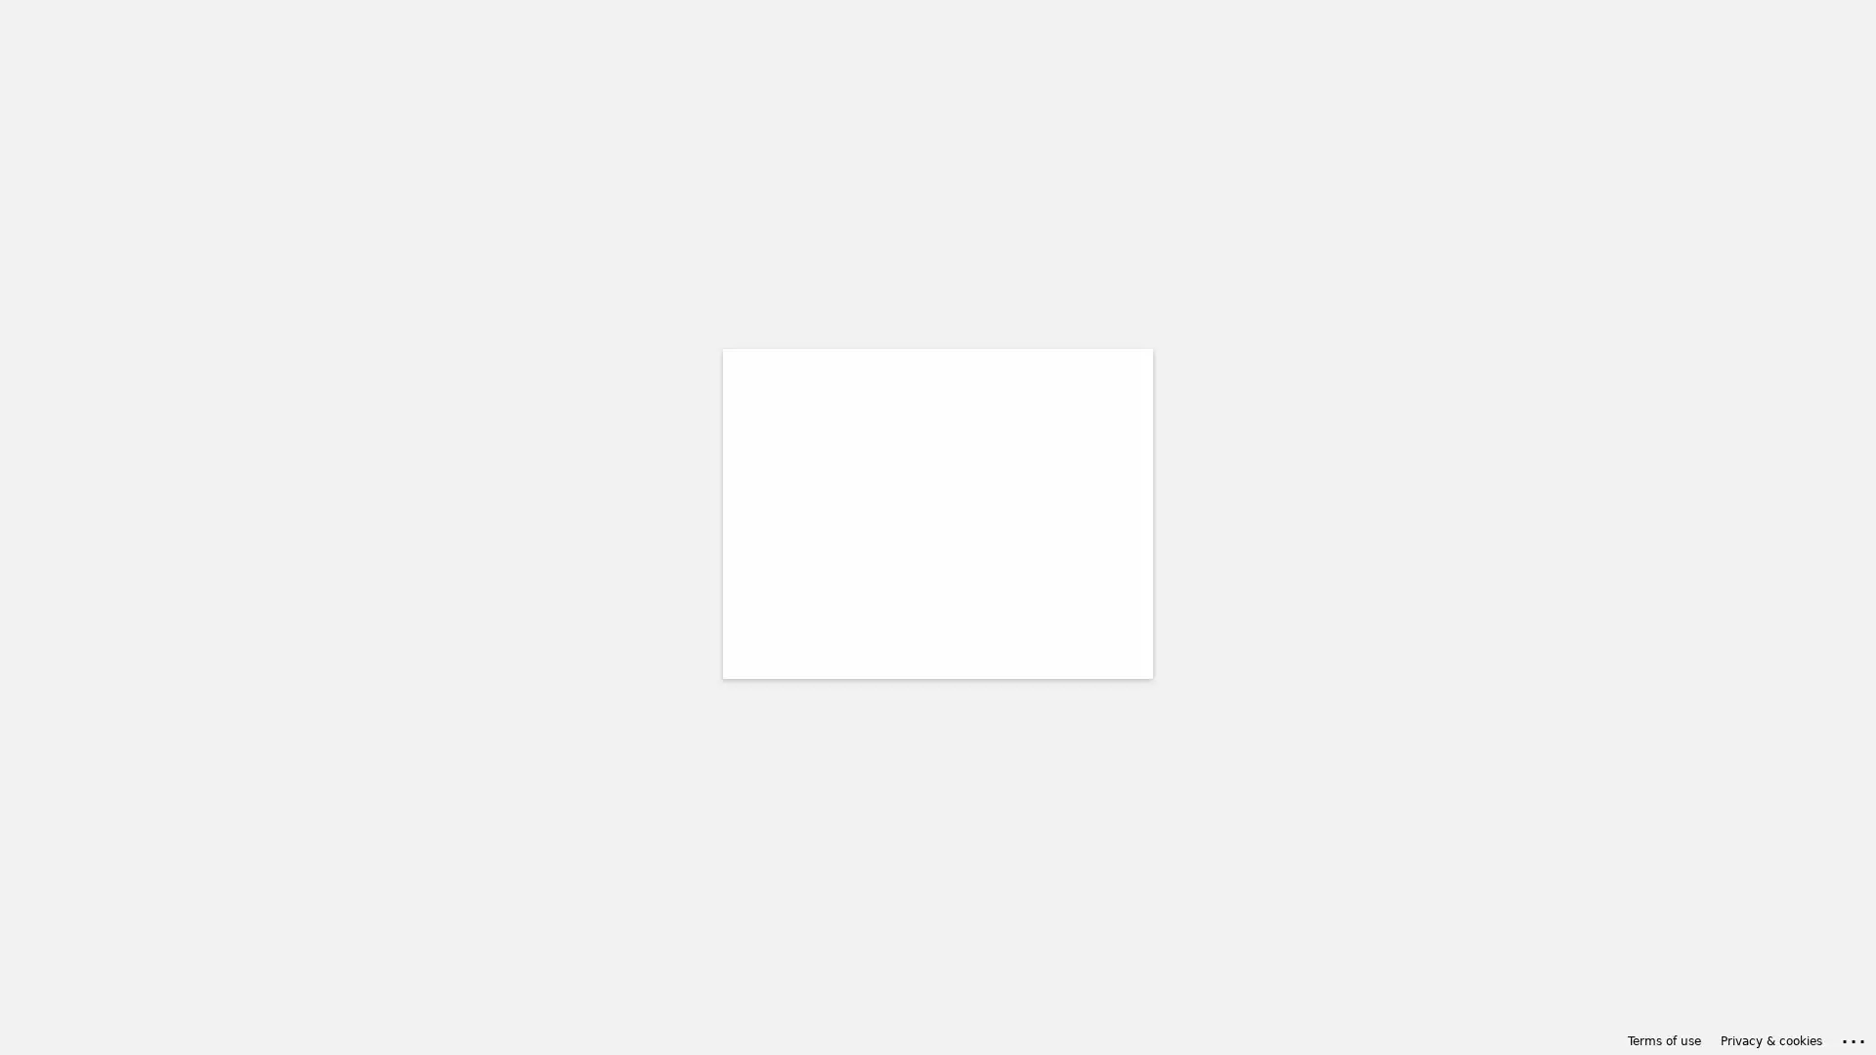 The image size is (1876, 1055). I want to click on Back, so click(947, 590).